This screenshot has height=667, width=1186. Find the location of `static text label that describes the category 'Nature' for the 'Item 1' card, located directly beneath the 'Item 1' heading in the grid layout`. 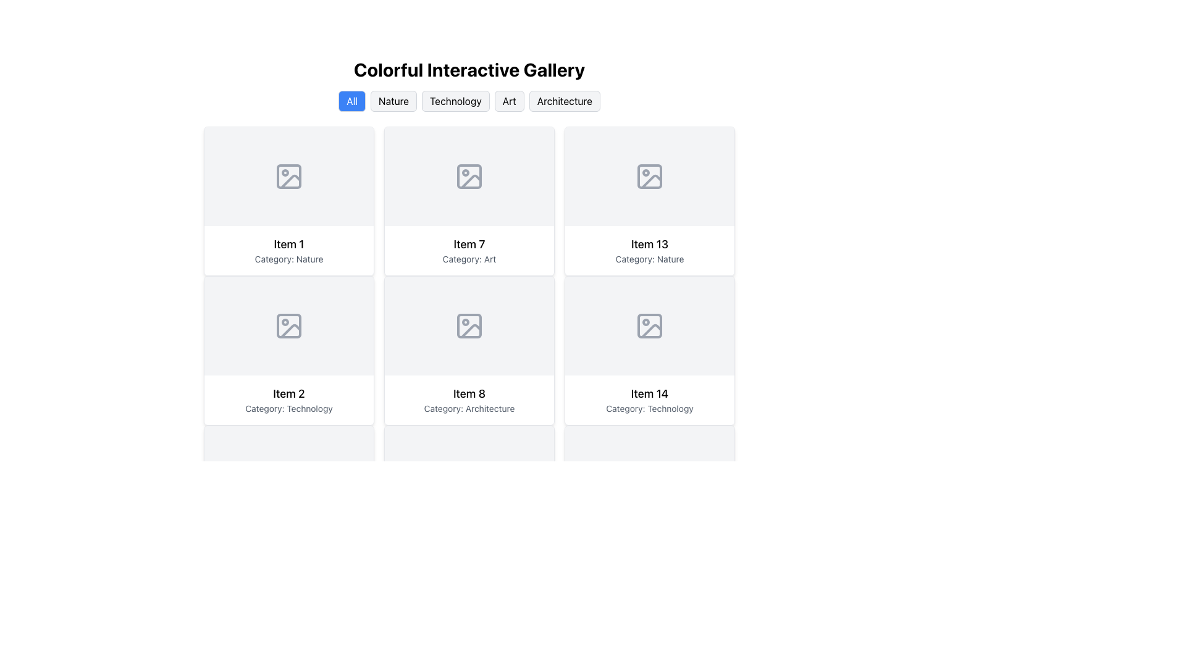

static text label that describes the category 'Nature' for the 'Item 1' card, located directly beneath the 'Item 1' heading in the grid layout is located at coordinates (288, 259).